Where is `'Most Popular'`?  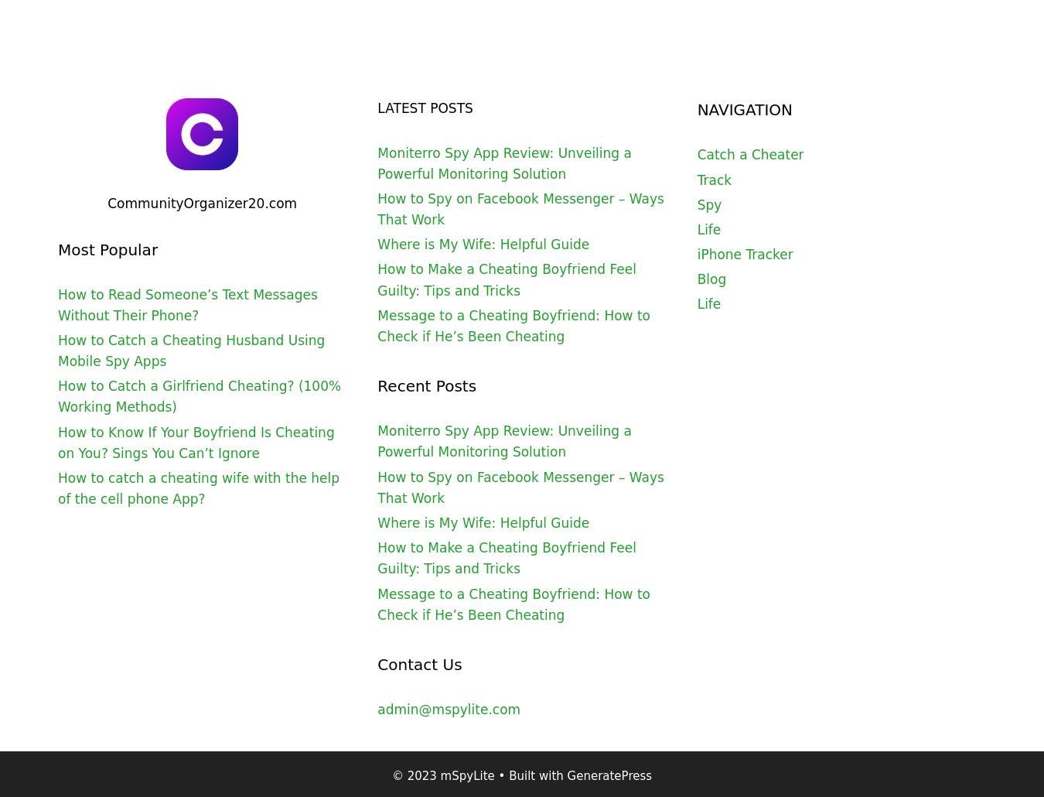 'Most Popular' is located at coordinates (57, 248).